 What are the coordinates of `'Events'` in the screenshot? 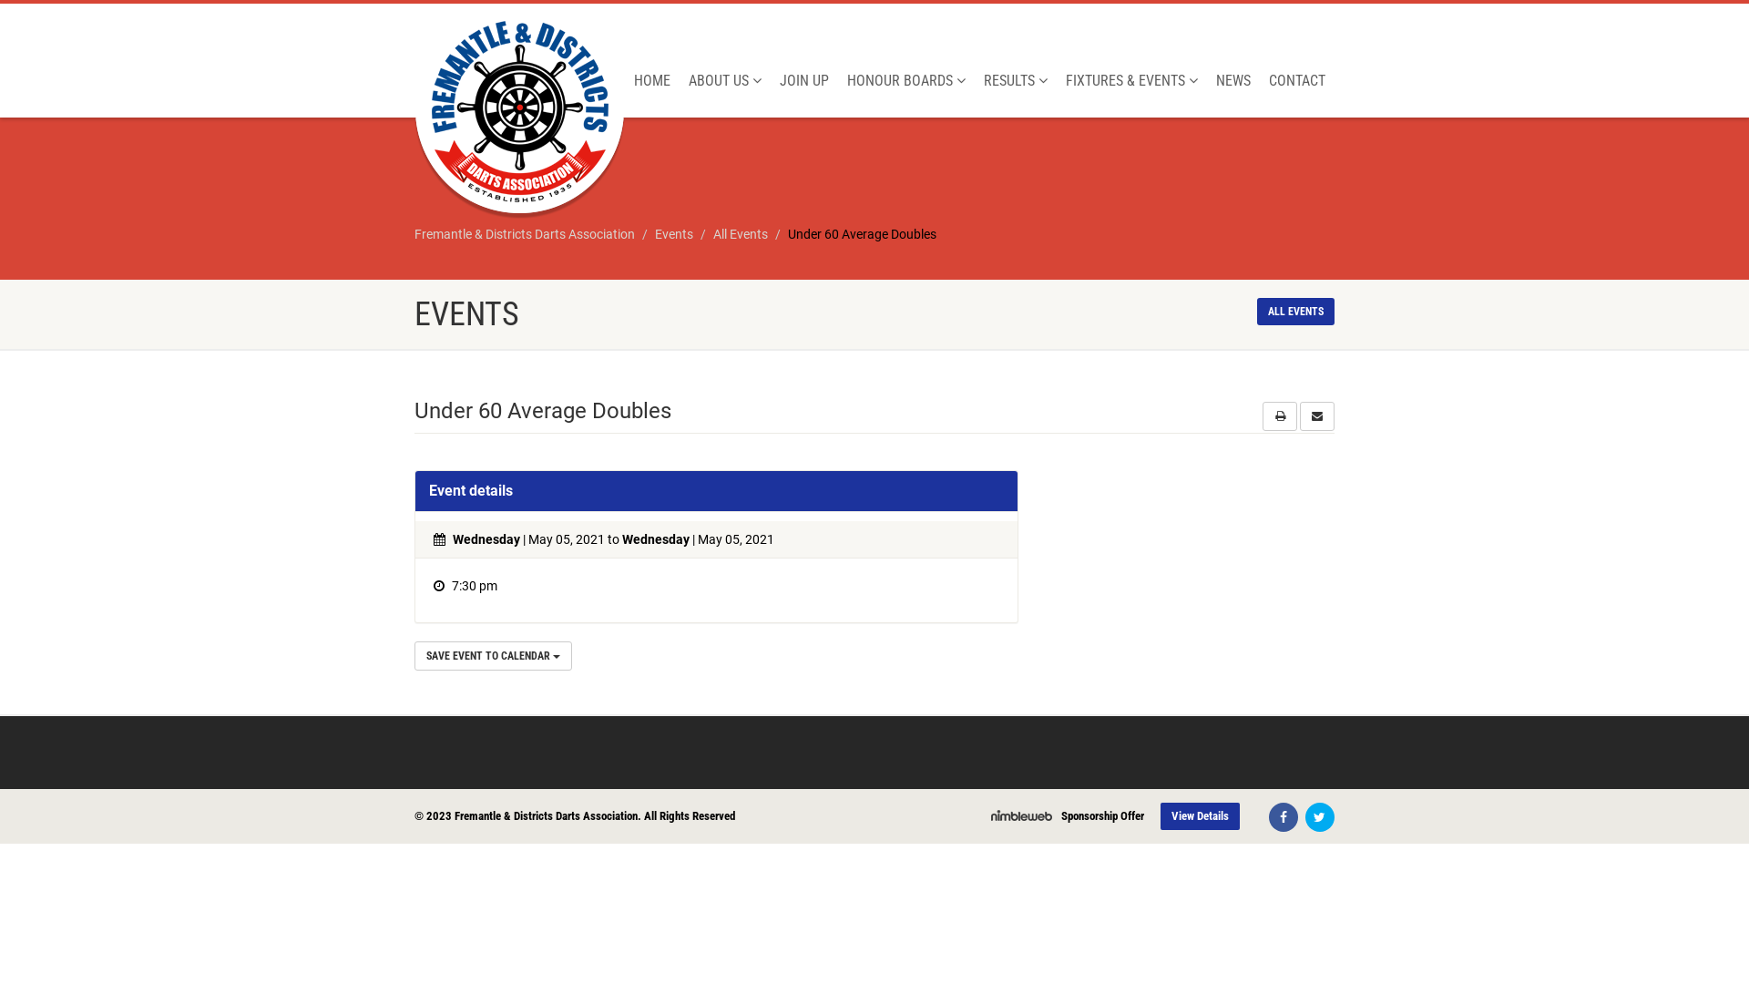 It's located at (672, 233).